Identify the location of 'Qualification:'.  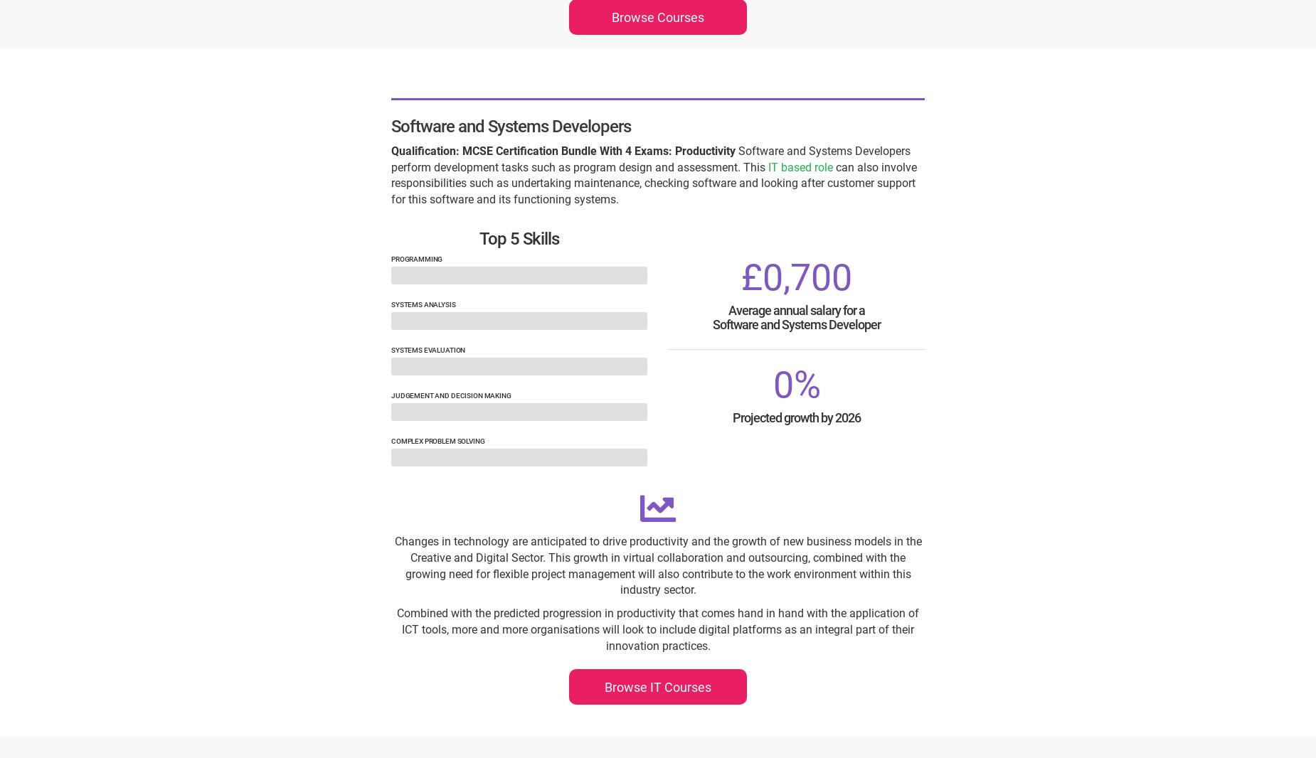
(425, 149).